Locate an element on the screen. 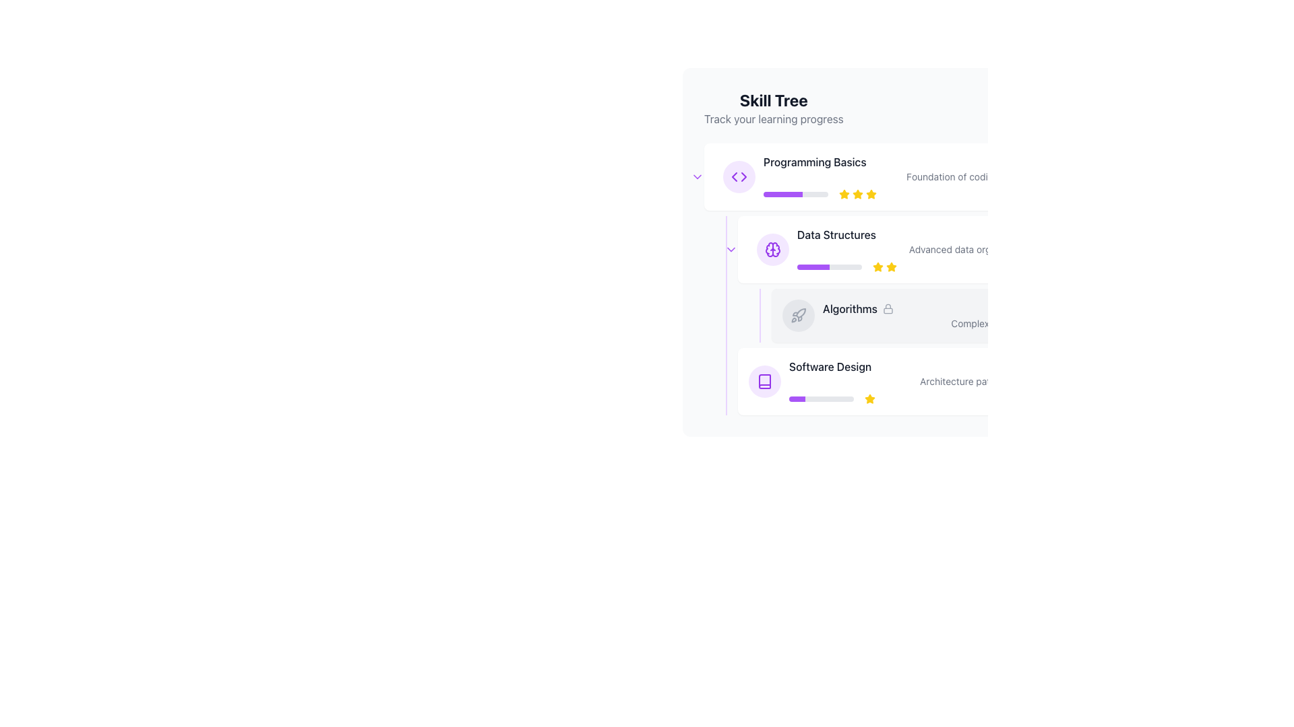 The image size is (1294, 727). the Text Label that indicates the primary skill 'Software Design' and its subtitle 'Architecture patterns', positioned within the skill tree interface is located at coordinates (965, 382).